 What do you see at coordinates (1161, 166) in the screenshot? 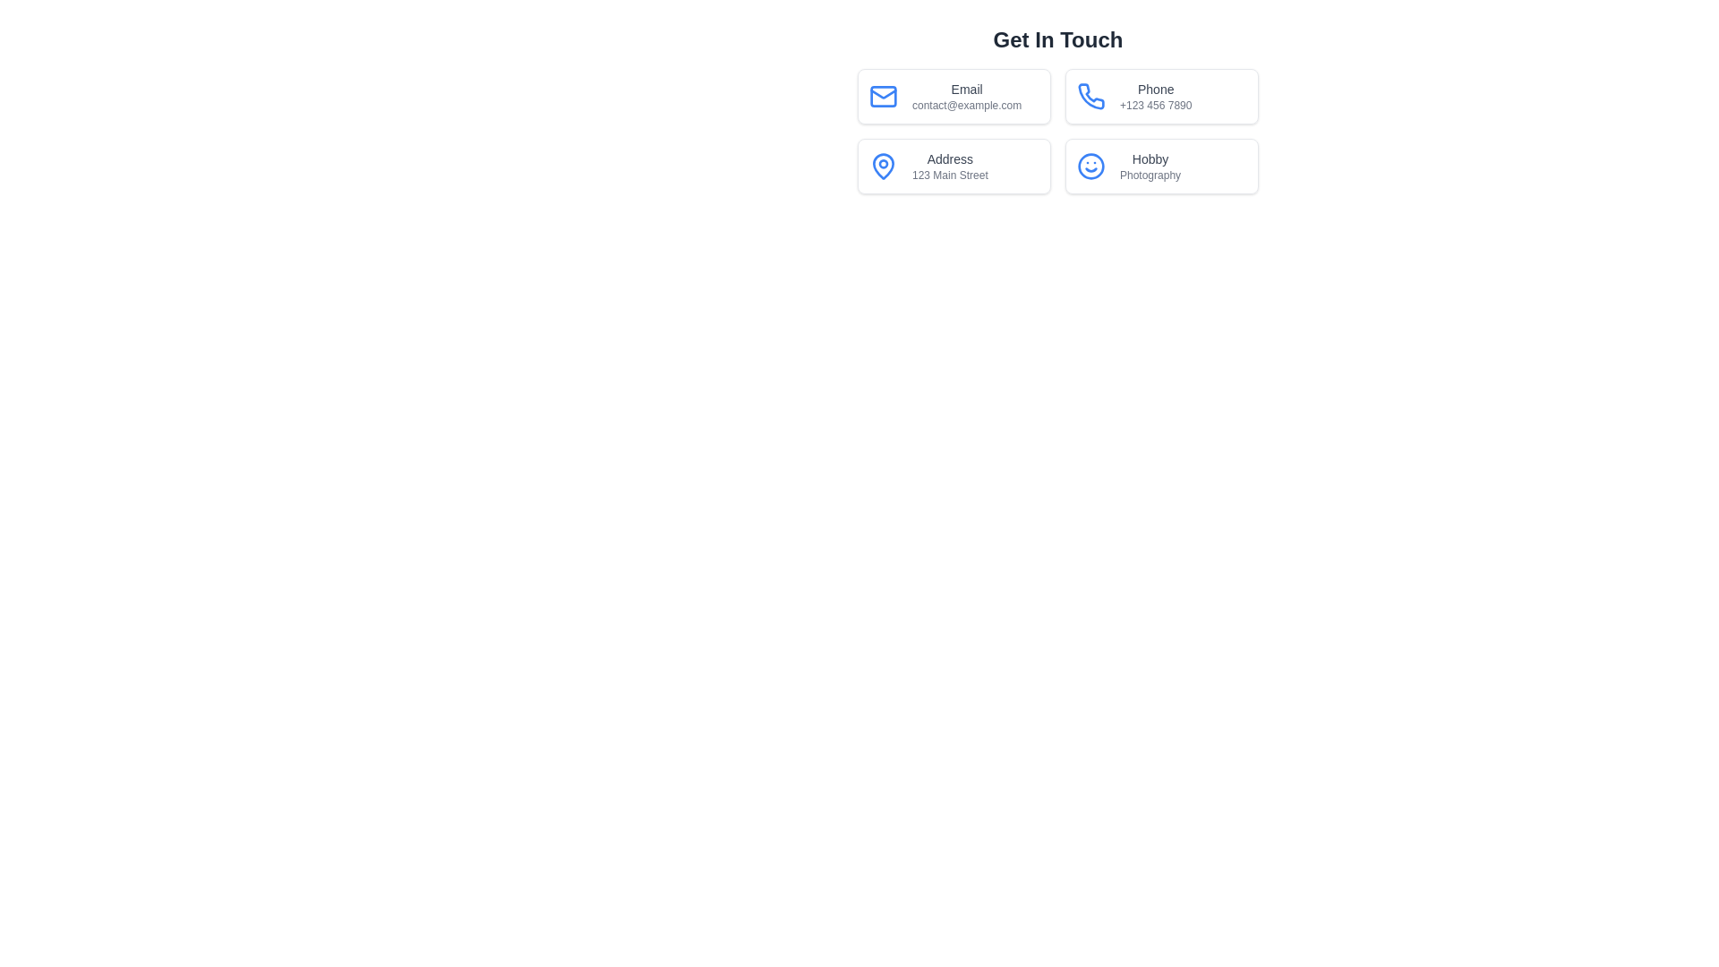
I see `the 'Photography' hobby category card located in the bottom-right corner of the grid layout` at bounding box center [1161, 166].